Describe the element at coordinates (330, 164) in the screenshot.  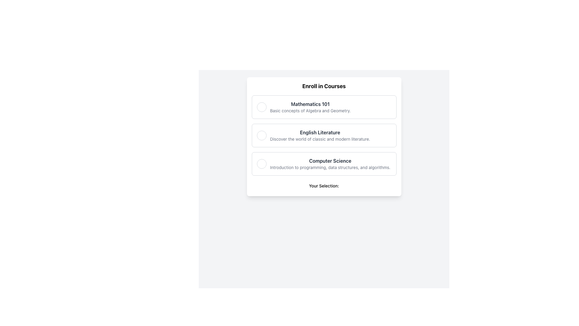
I see `the 'Computer Science' informational text block option` at that location.